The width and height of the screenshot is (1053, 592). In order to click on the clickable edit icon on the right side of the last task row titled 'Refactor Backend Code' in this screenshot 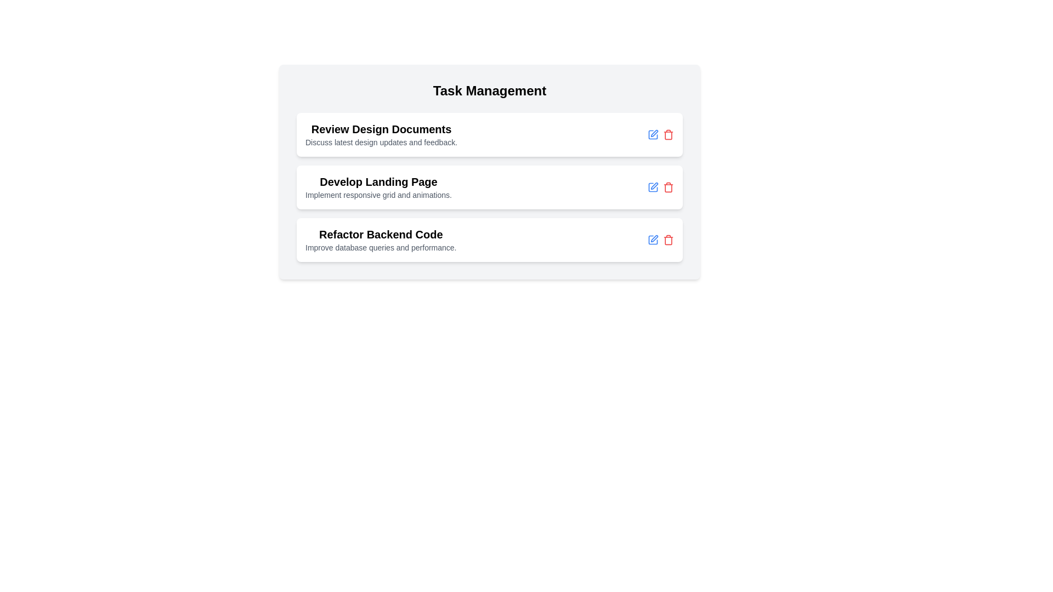, I will do `click(653, 240)`.